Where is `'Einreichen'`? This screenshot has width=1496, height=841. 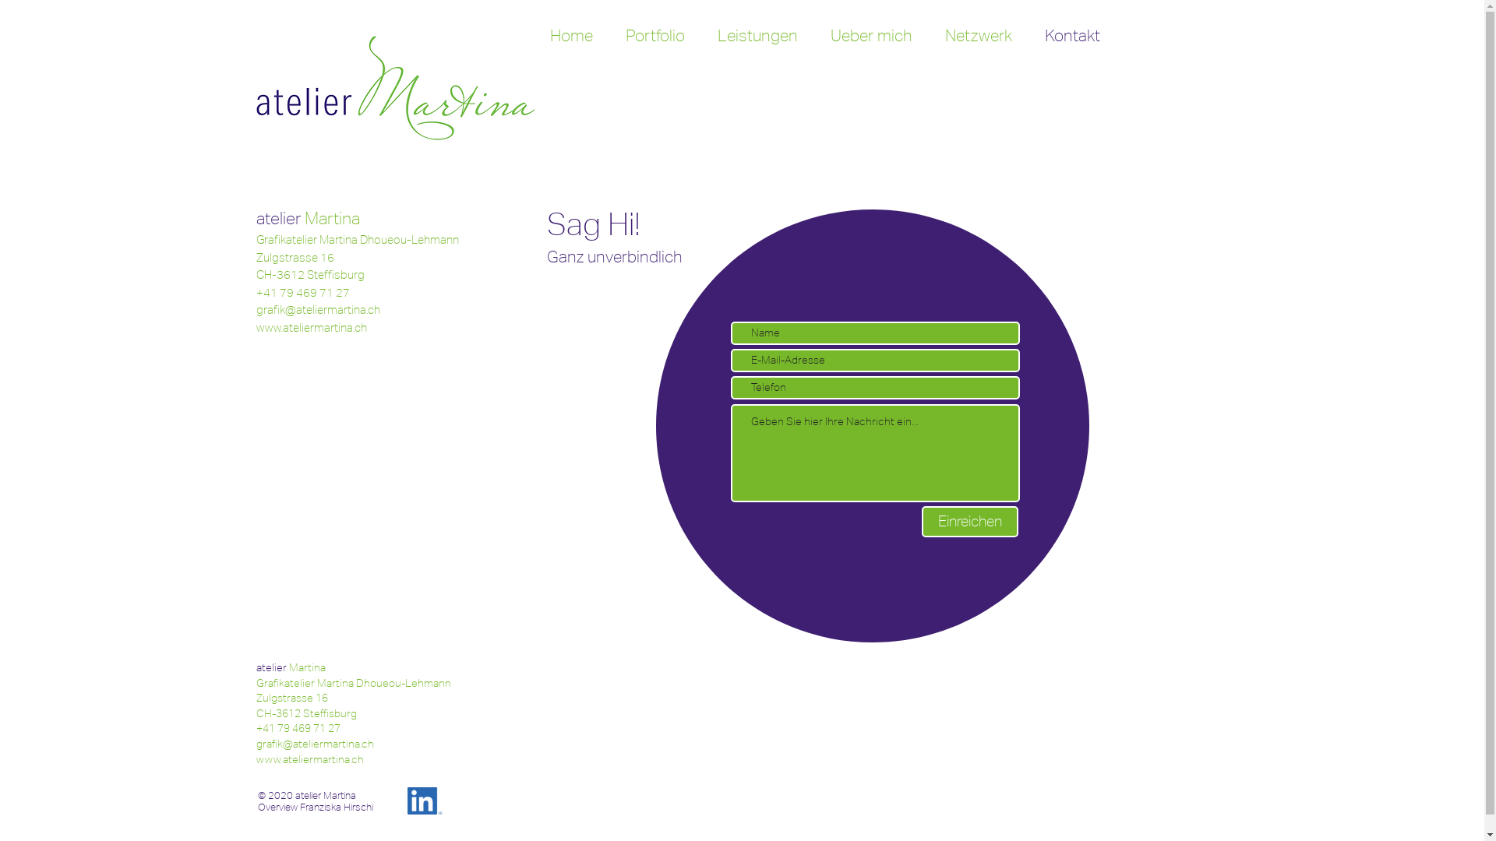
'Einreichen' is located at coordinates (920, 522).